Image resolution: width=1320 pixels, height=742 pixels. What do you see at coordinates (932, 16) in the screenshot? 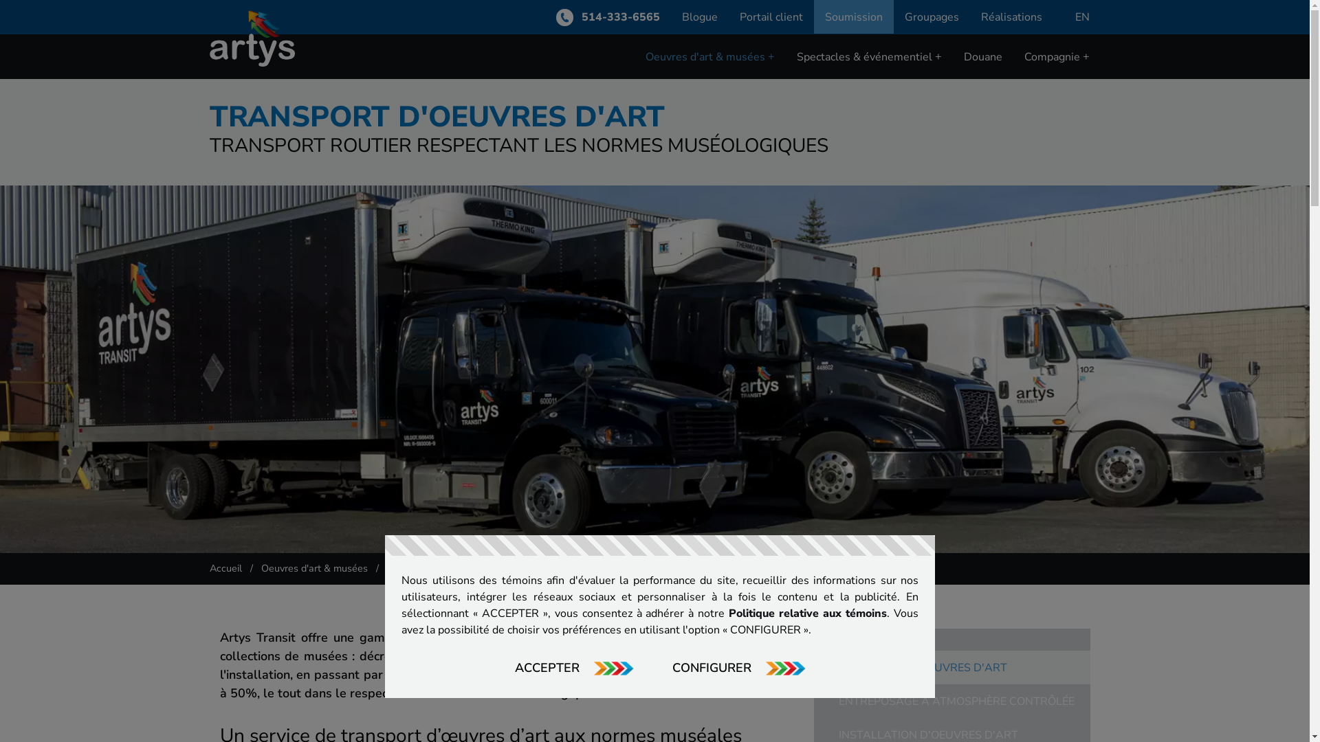
I see `'Groupages'` at bounding box center [932, 16].